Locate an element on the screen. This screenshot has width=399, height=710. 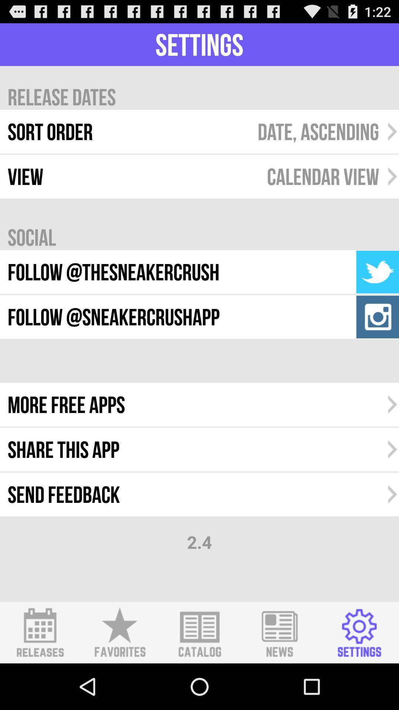
releases is located at coordinates (40, 632).